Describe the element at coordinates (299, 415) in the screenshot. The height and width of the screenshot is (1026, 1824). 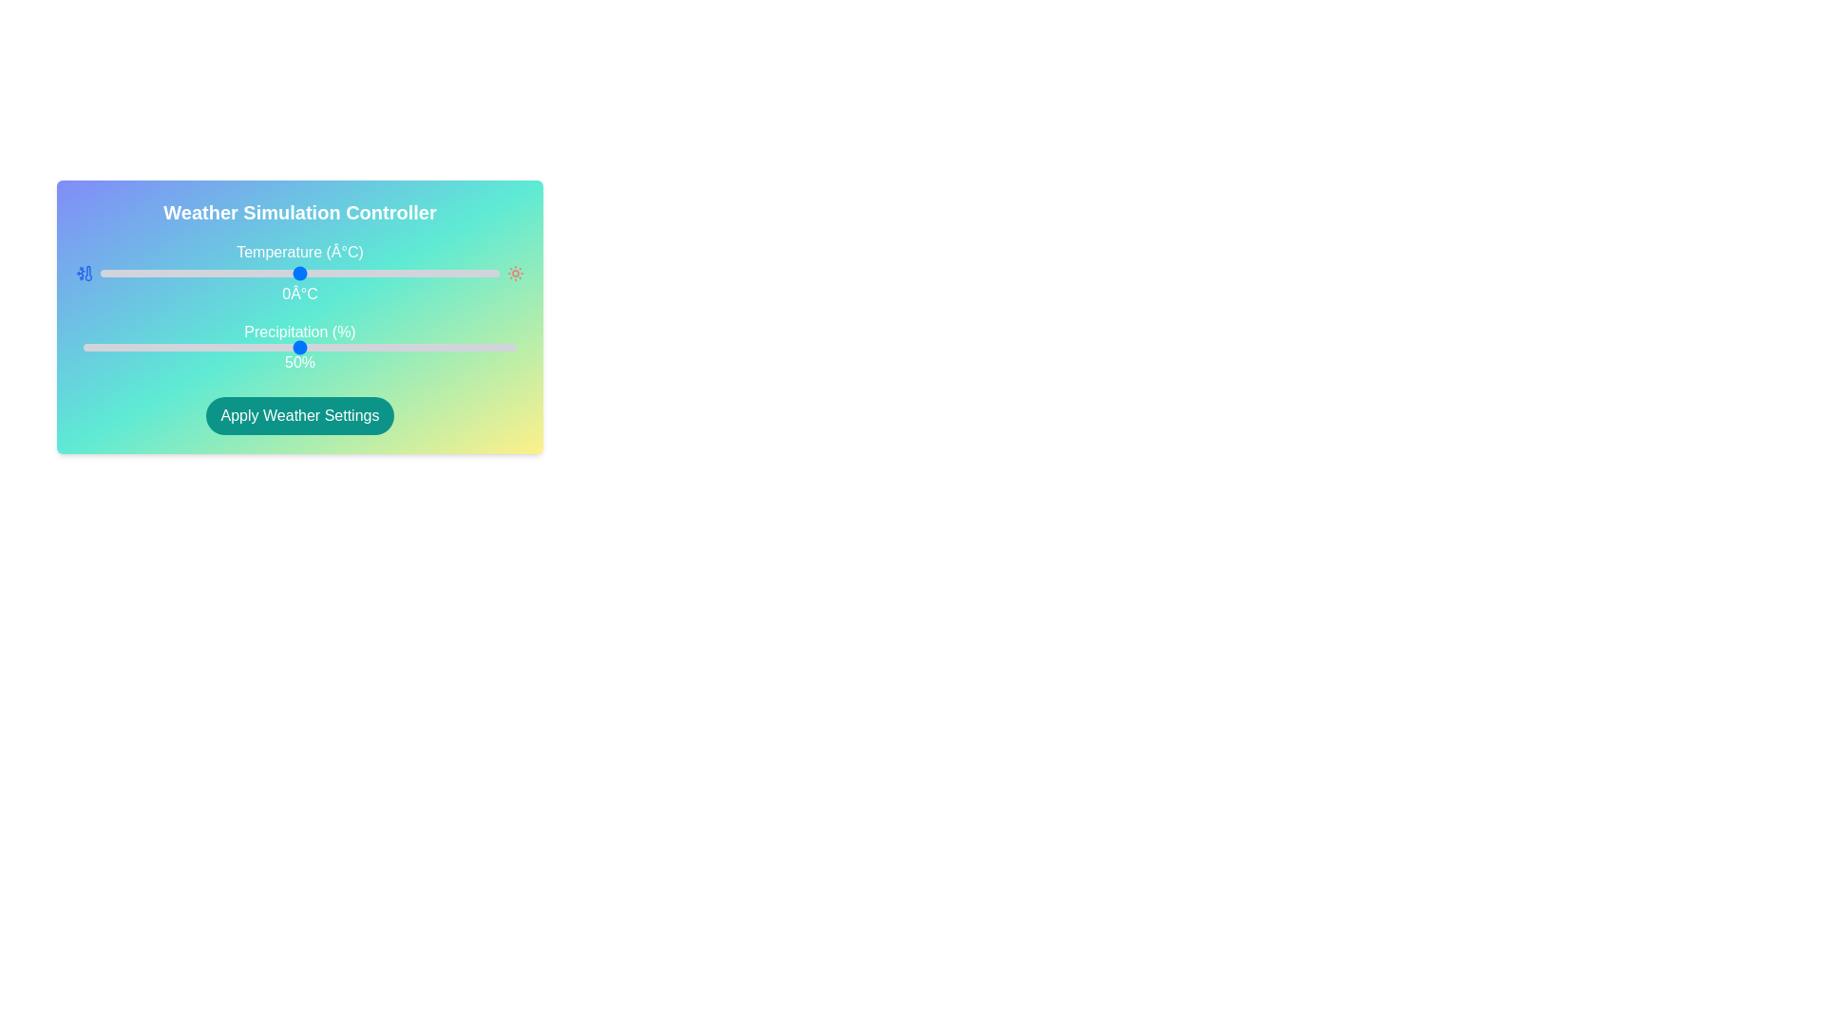
I see `the 'Apply Weather Settings' button` at that location.